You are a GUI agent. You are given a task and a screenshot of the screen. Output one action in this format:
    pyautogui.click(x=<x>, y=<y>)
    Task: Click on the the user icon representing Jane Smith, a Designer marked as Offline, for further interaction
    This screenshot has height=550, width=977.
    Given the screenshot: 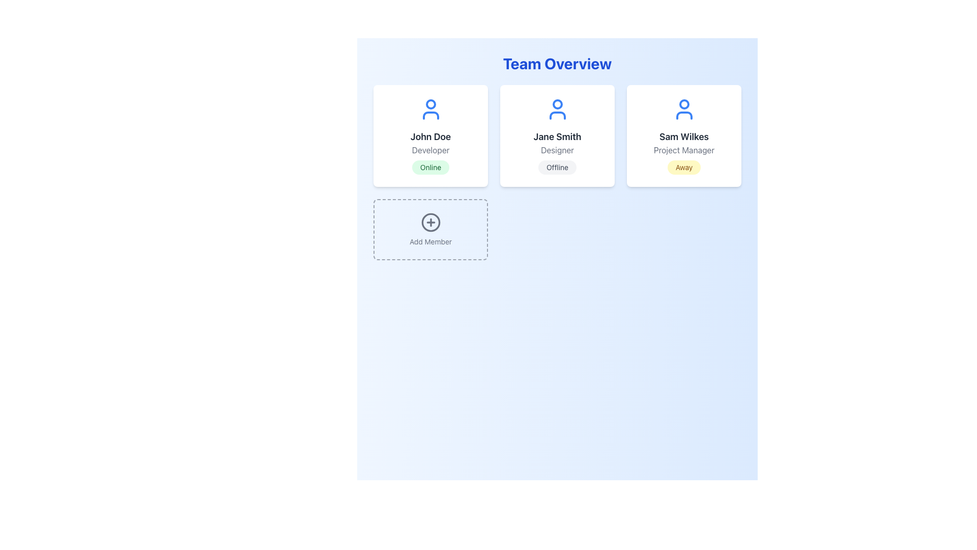 What is the action you would take?
    pyautogui.click(x=557, y=109)
    